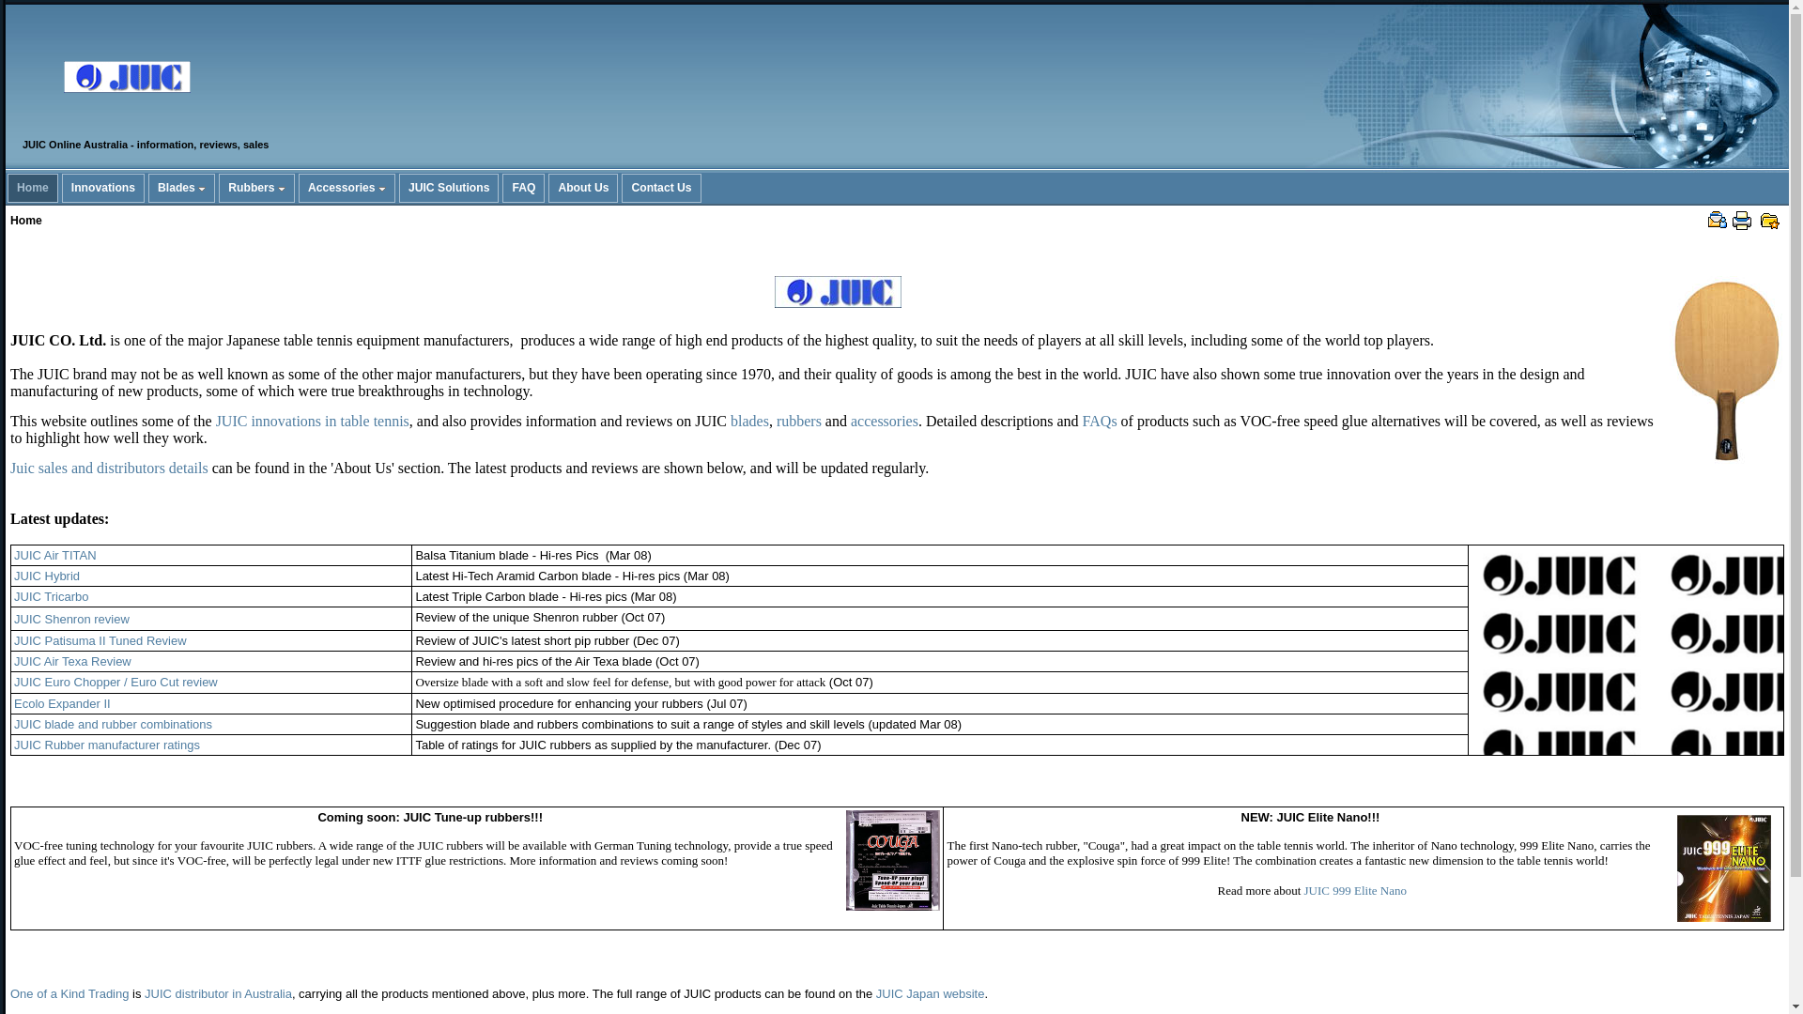 This screenshot has width=1803, height=1014. What do you see at coordinates (622, 188) in the screenshot?
I see `'Contact Us'` at bounding box center [622, 188].